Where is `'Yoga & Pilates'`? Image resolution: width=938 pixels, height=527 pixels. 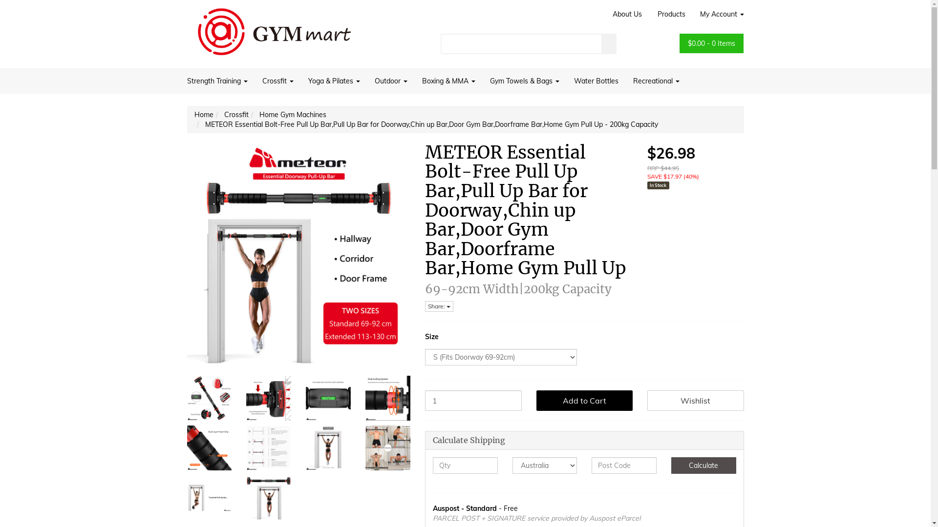 'Yoga & Pilates' is located at coordinates (300, 80).